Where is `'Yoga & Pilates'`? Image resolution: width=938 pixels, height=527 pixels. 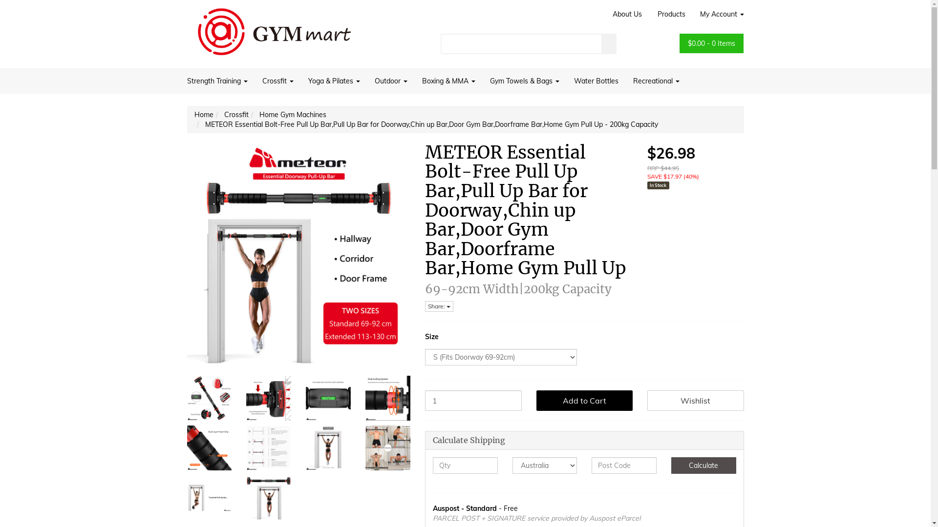 'Yoga & Pilates' is located at coordinates (300, 80).